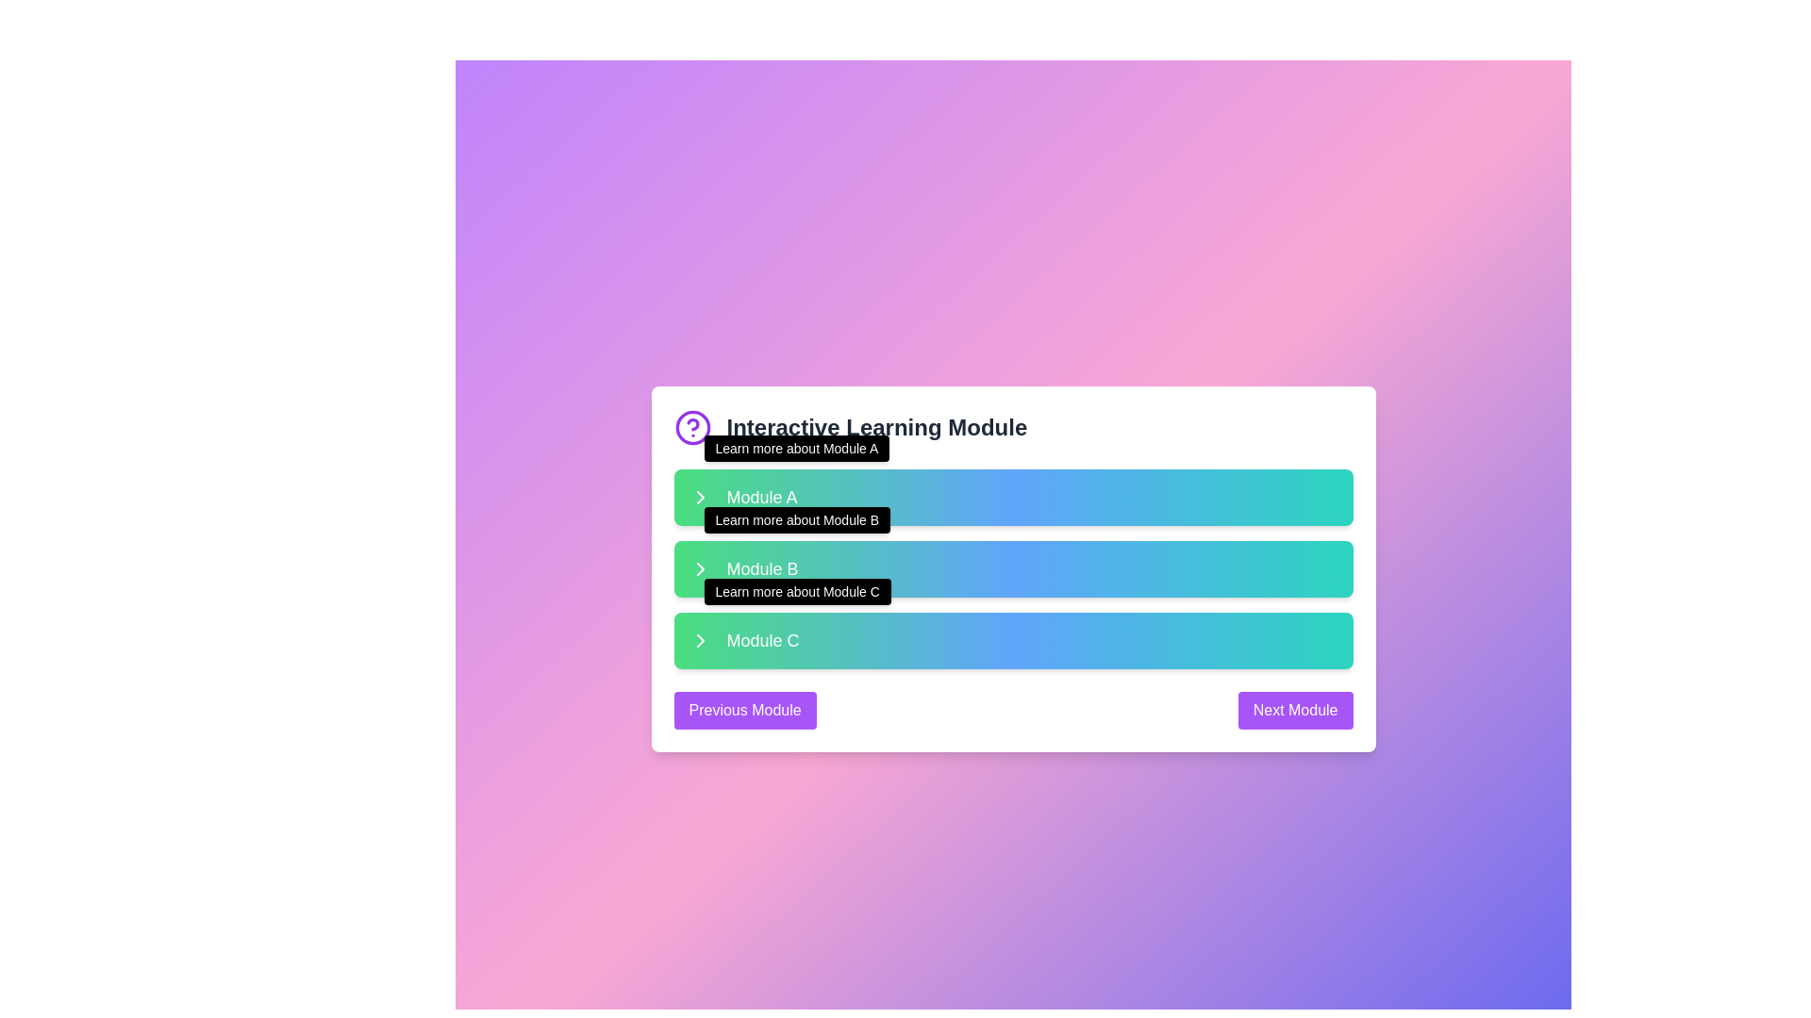 The height and width of the screenshot is (1018, 1811). I want to click on the chevron icon located at the far left of the green button labeled 'Module C', so click(699, 639).